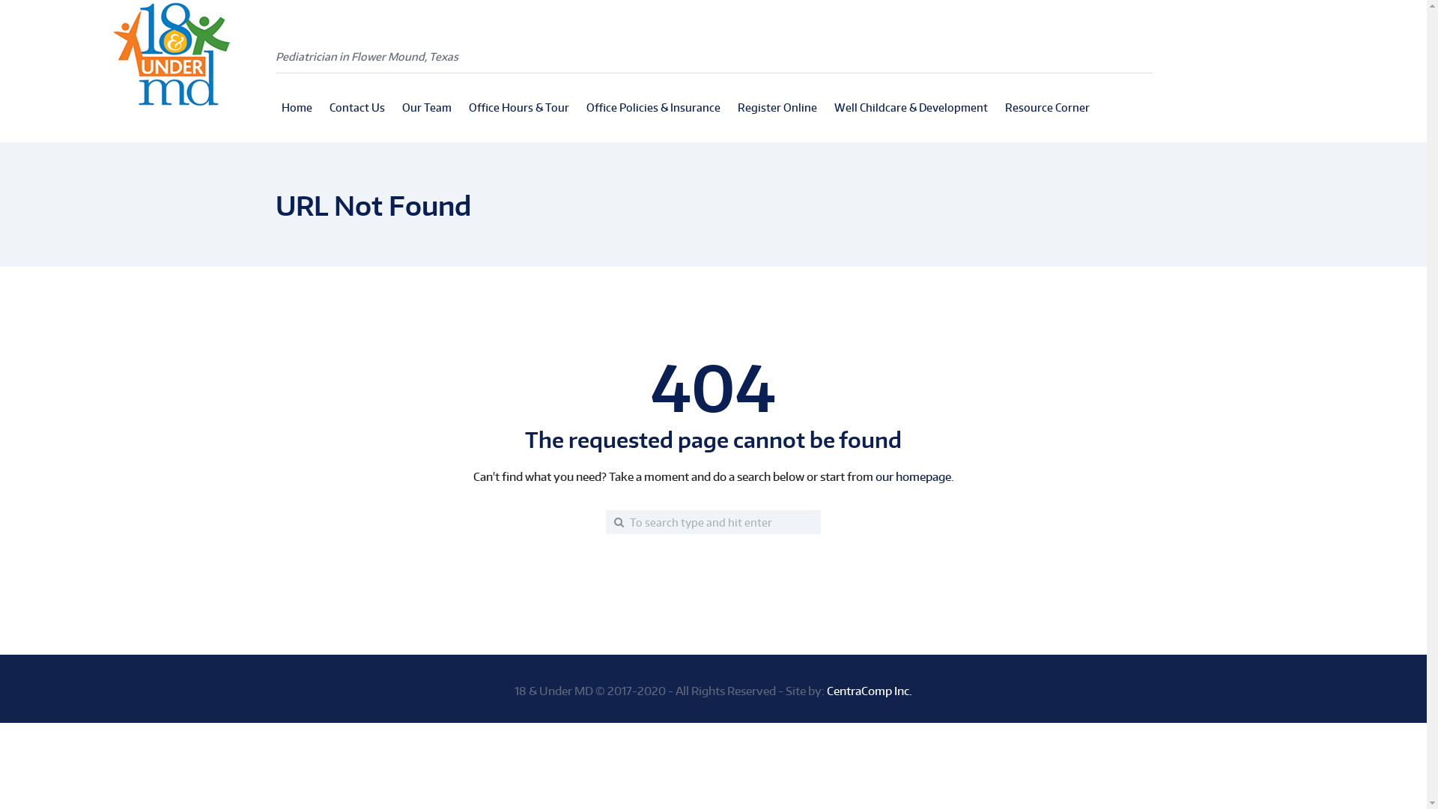 This screenshot has width=1438, height=809. I want to click on 'Office Hours & Tour', so click(518, 106).